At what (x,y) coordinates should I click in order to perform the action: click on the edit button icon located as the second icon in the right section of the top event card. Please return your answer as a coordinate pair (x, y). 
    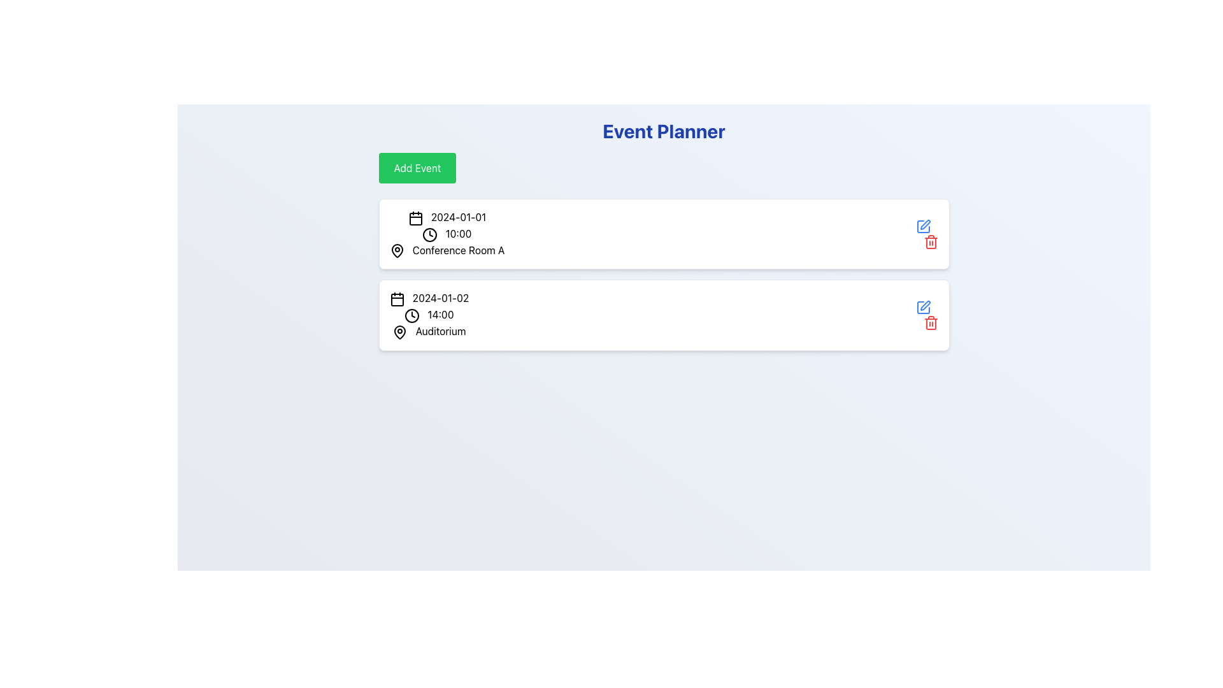
    Looking at the image, I should click on (925, 224).